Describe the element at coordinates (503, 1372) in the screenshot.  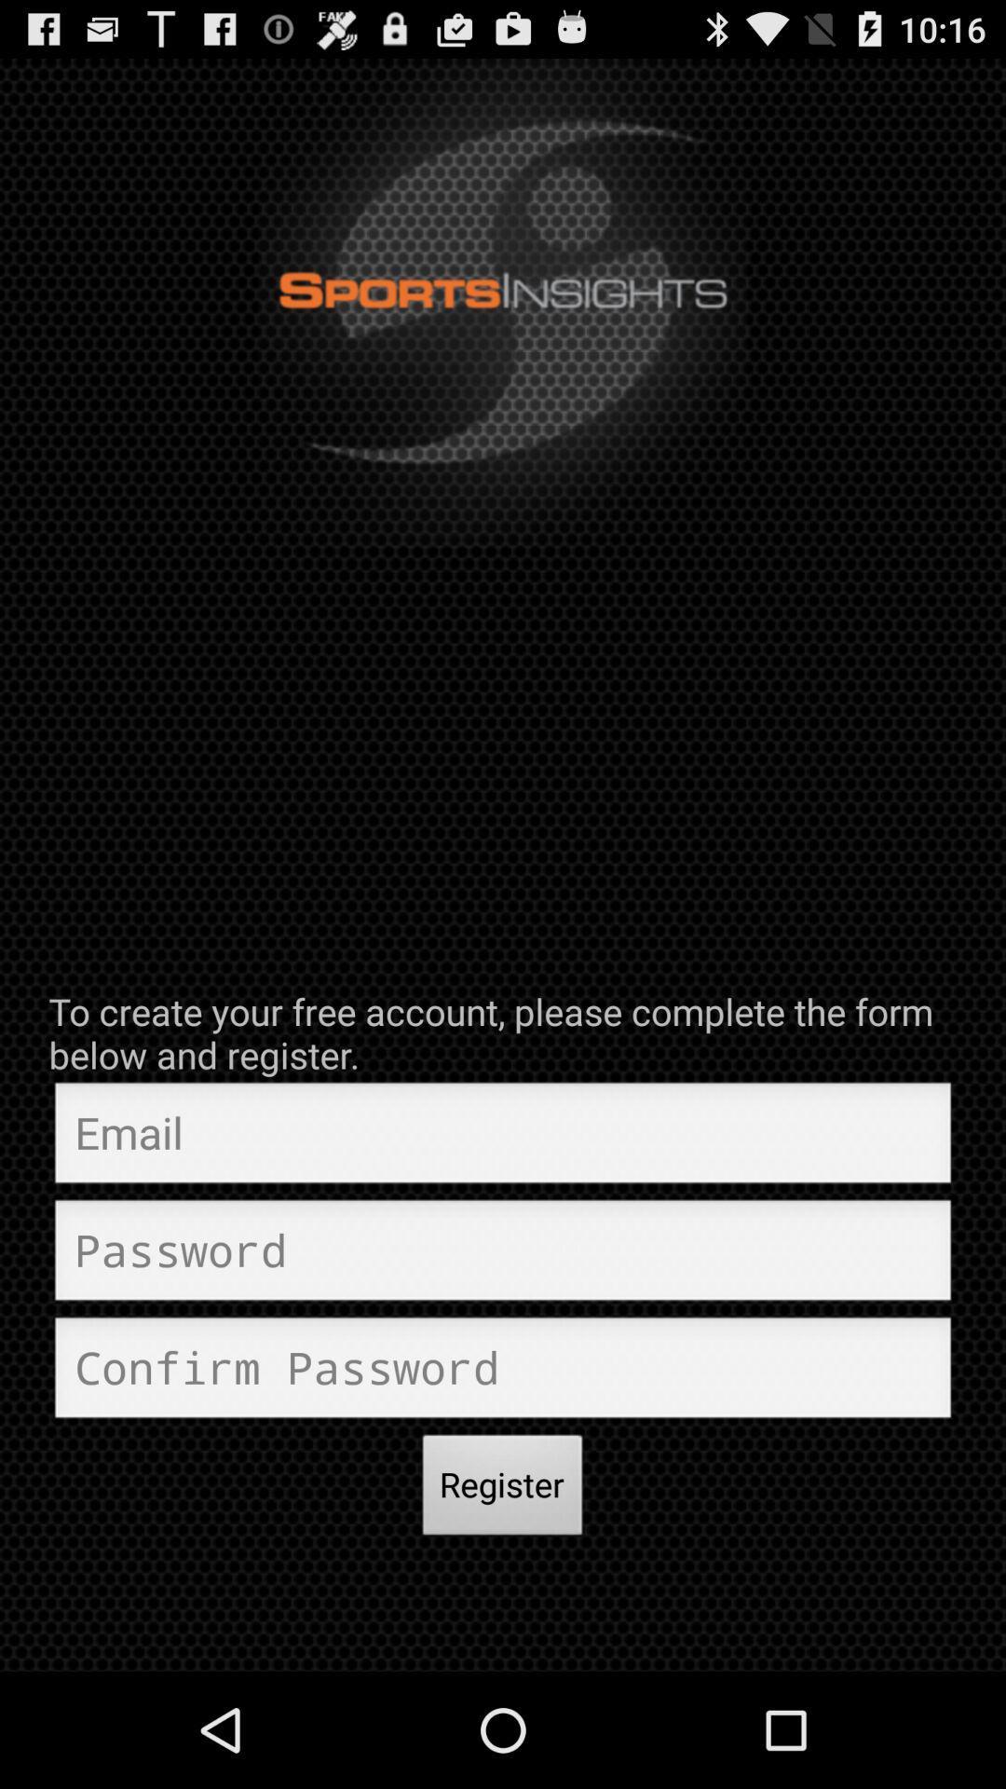
I see `confirm password` at that location.